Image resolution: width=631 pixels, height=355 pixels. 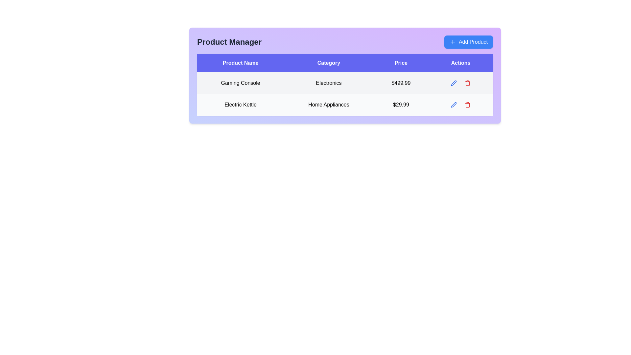 I want to click on the delete SVG icon located in the 'Actions' column of the second row in the table, so click(x=467, y=105).